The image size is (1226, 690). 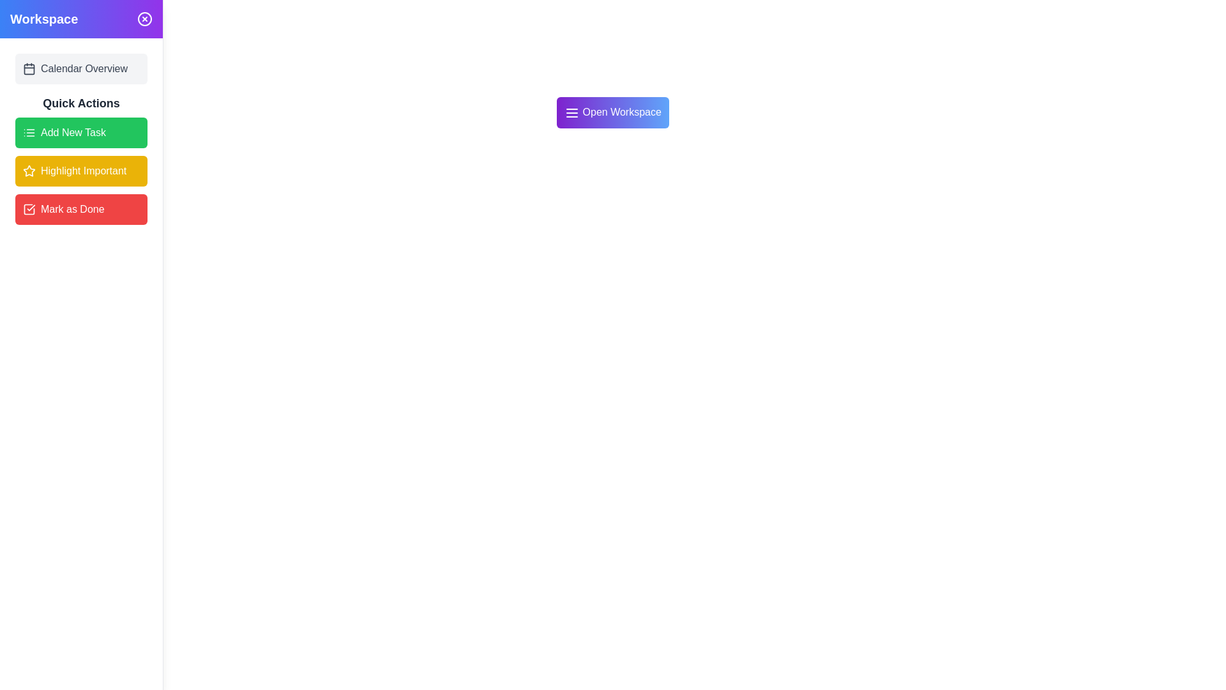 I want to click on the Menu Icon, which is represented by three horizontal lines stacked vertically, located on the left side of the 'Open Workspace' button, so click(x=571, y=112).